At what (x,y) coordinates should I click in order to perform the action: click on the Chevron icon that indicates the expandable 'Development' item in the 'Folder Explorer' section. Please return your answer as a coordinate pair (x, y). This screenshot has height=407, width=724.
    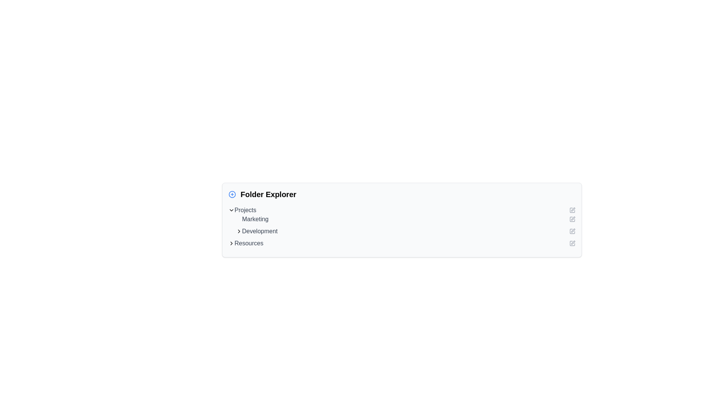
    Looking at the image, I should click on (238, 231).